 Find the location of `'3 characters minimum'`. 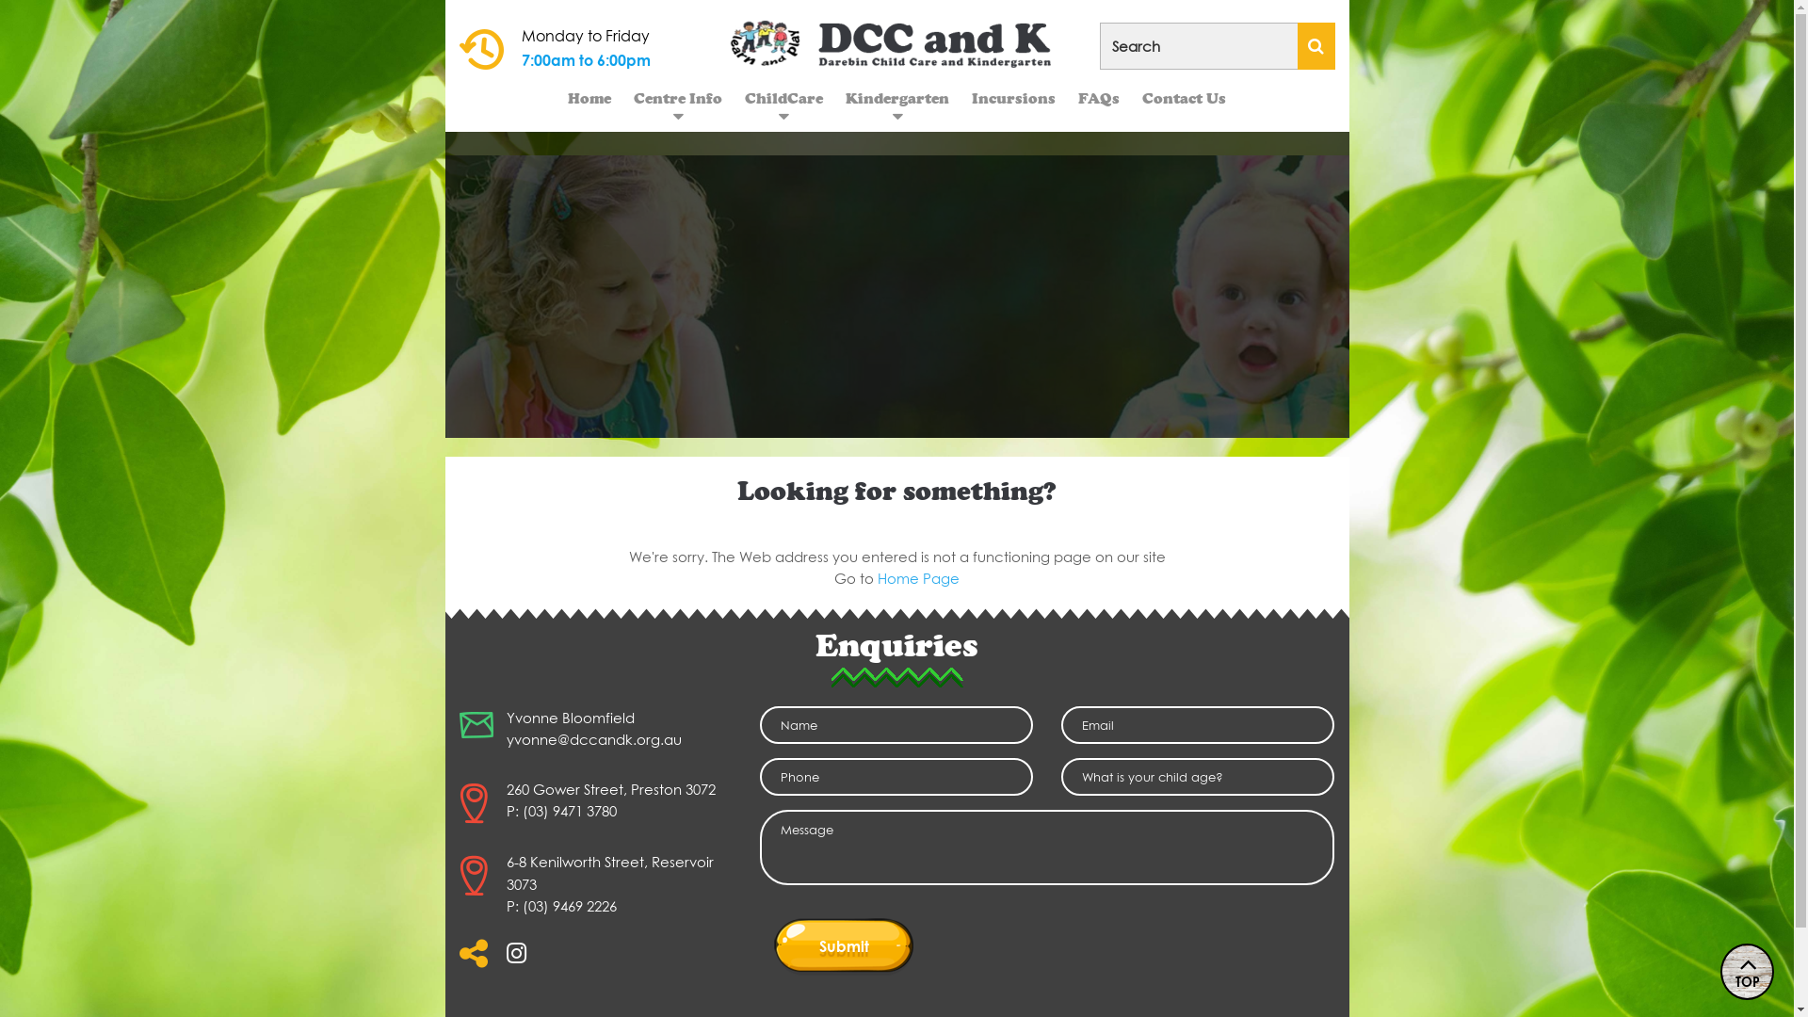

'3 characters minimum' is located at coordinates (1217, 45).